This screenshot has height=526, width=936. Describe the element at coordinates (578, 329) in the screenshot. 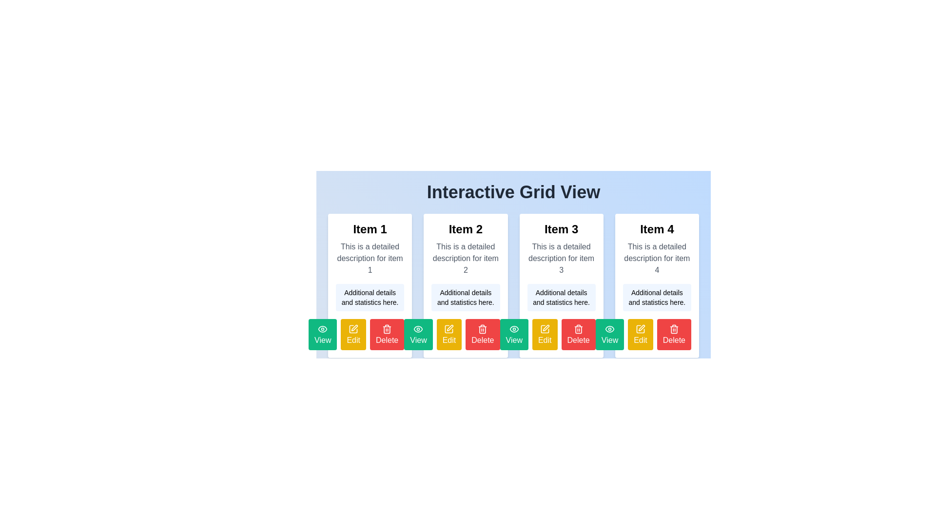

I see `the trash bin icon styled in red next to the 'Delete' button` at that location.